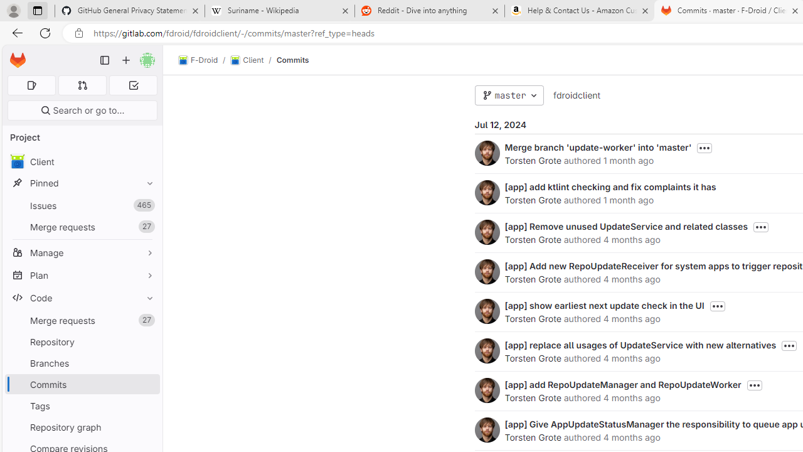 The height and width of the screenshot is (452, 803). I want to click on 'Reddit - Dive into anything', so click(429, 11).